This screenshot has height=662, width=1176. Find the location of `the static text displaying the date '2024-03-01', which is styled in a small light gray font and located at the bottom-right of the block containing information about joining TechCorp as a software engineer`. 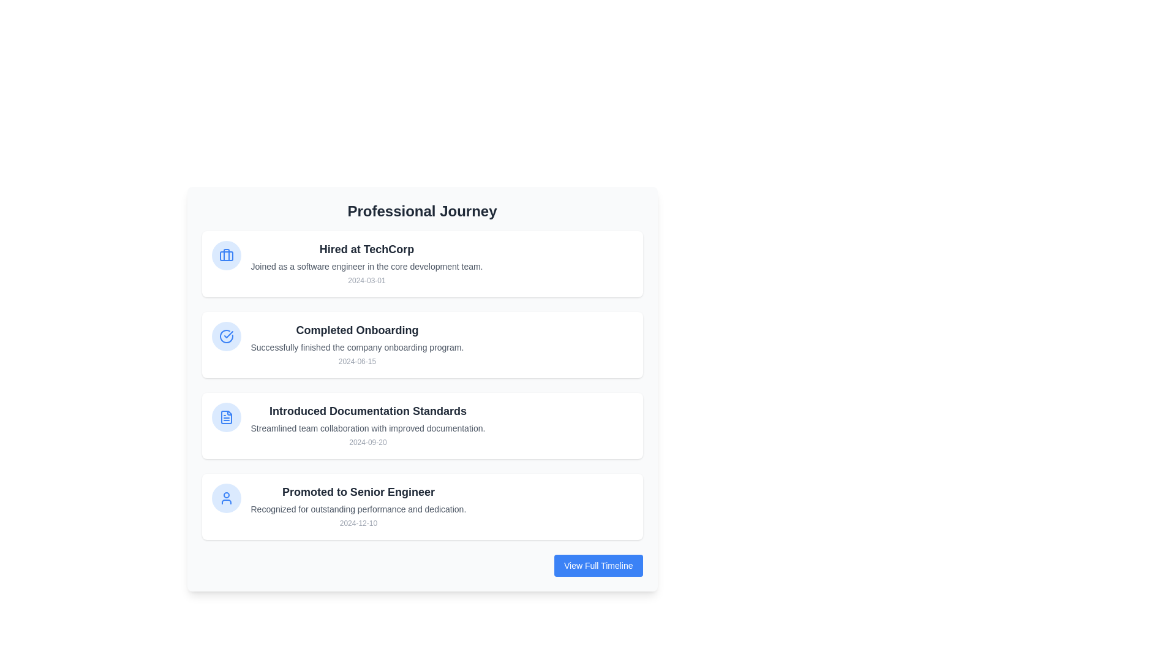

the static text displaying the date '2024-03-01', which is styled in a small light gray font and located at the bottom-right of the block containing information about joining TechCorp as a software engineer is located at coordinates (366, 281).